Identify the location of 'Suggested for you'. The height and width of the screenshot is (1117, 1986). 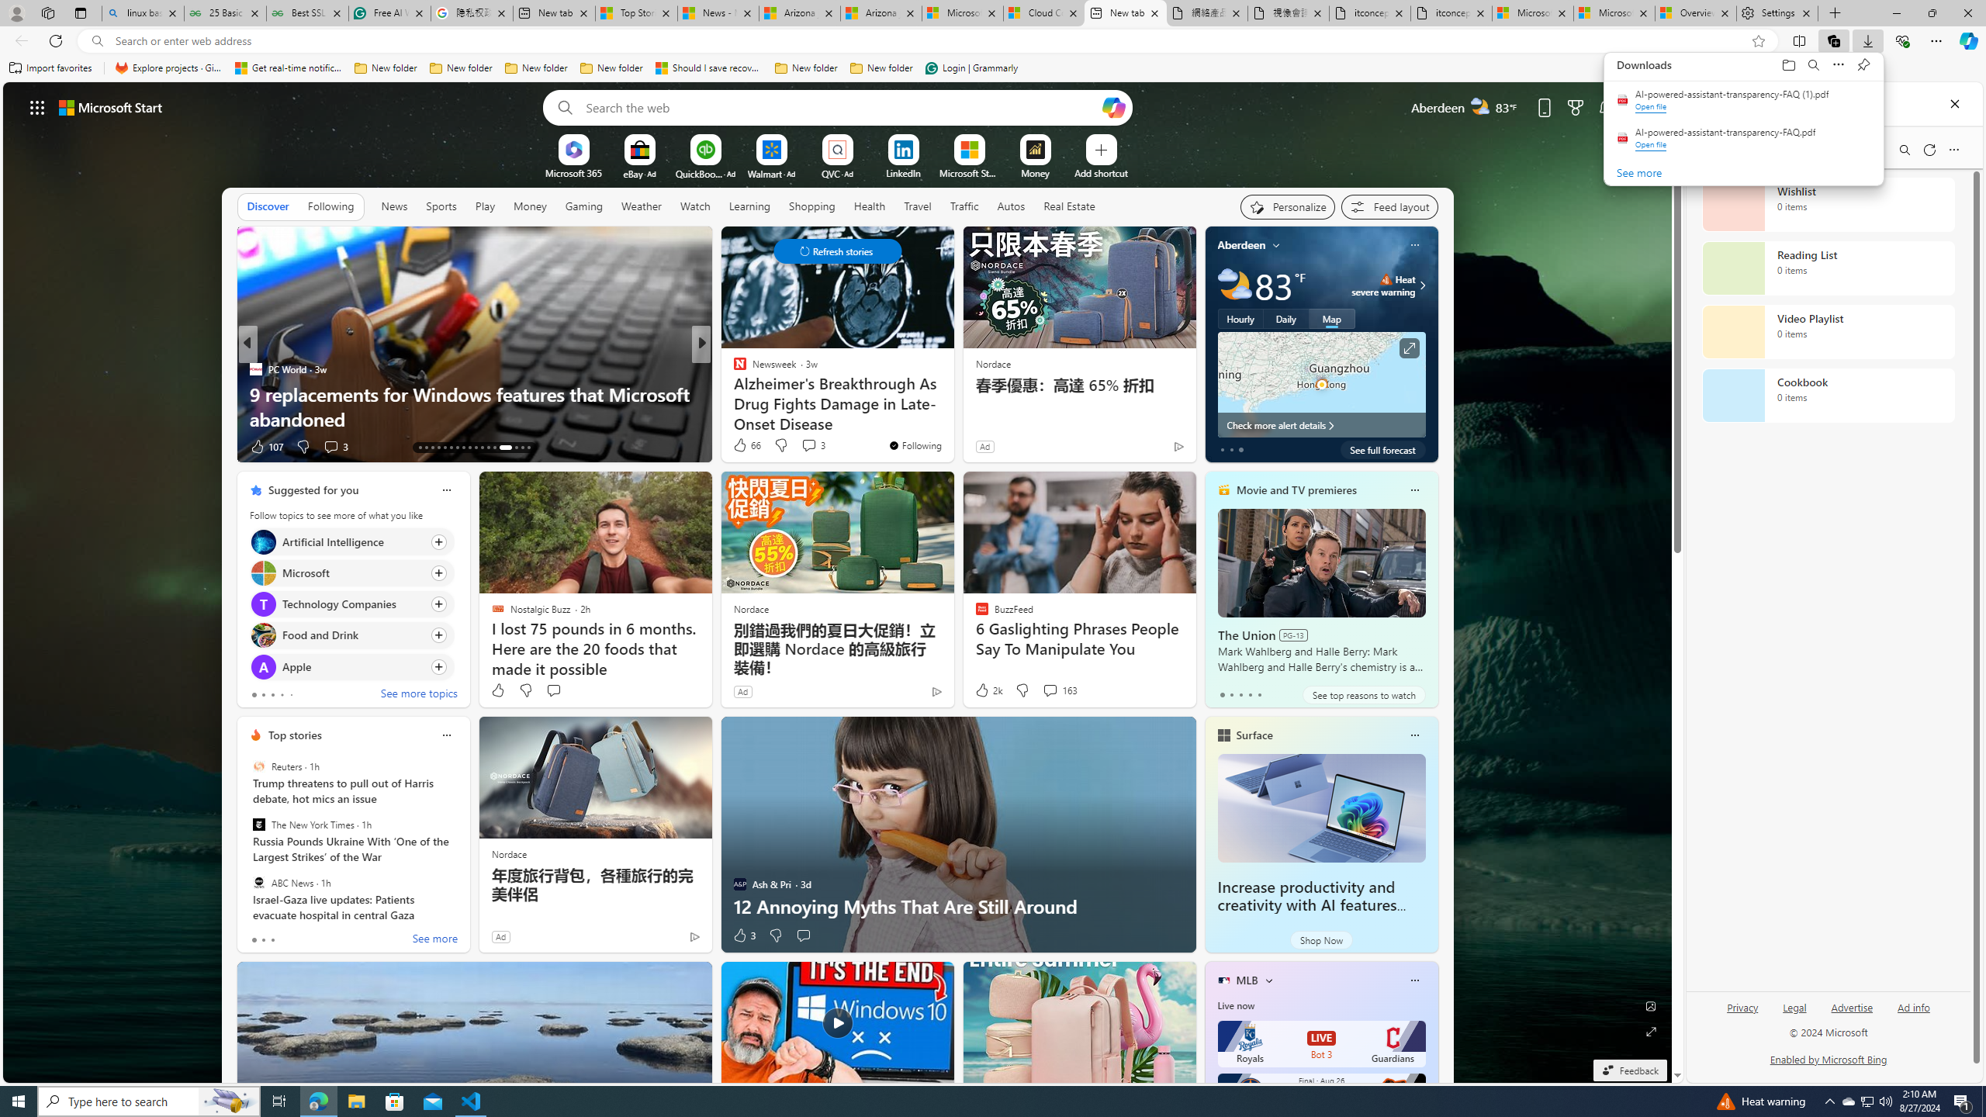
(313, 489).